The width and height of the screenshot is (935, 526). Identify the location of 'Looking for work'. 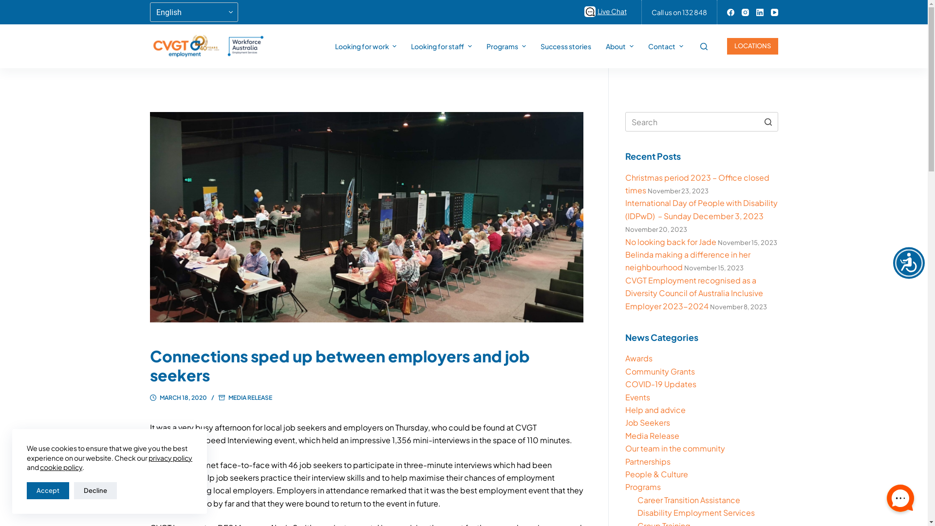
(365, 46).